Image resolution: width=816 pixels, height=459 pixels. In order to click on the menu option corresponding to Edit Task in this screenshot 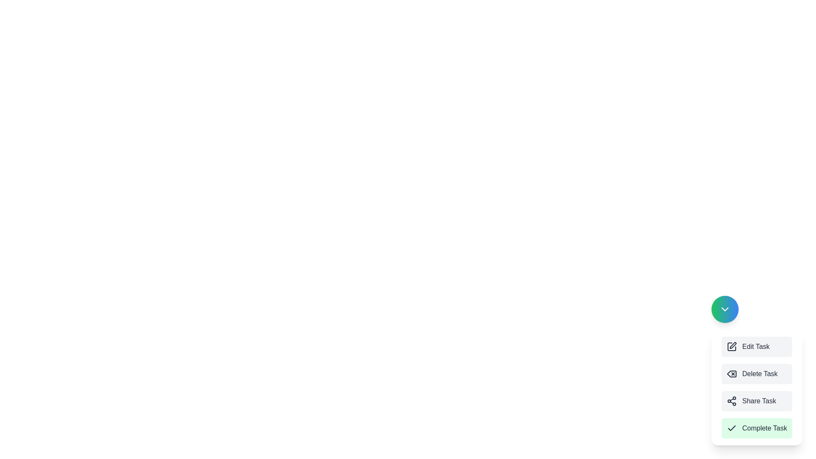, I will do `click(757, 347)`.